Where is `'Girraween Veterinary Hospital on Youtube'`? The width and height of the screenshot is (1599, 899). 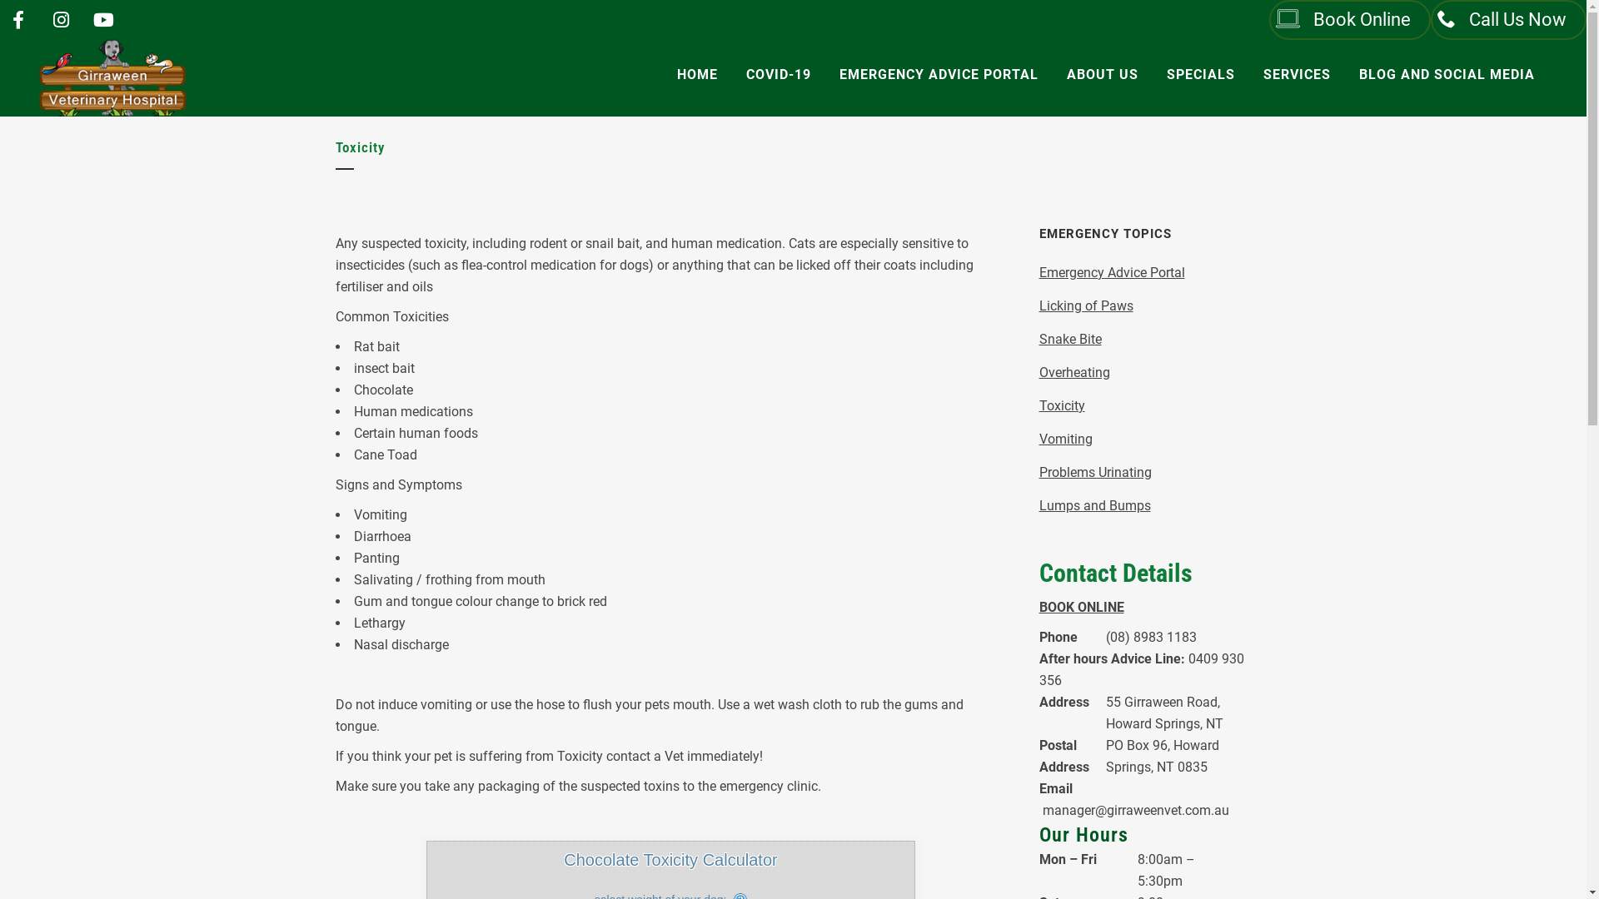 'Girraween Veterinary Hospital on Youtube' is located at coordinates (102, 20).